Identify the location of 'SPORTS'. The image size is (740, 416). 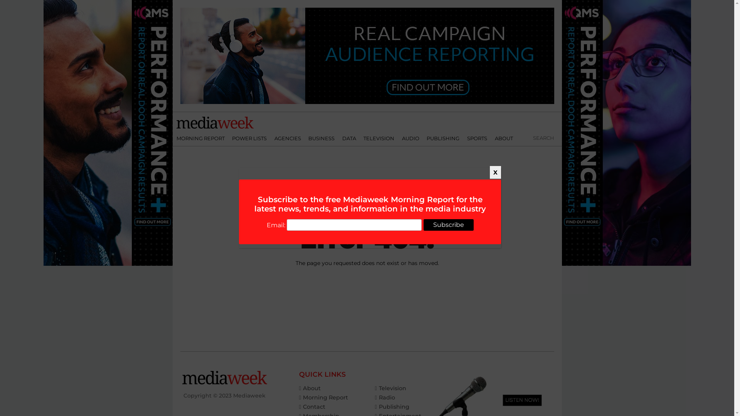
(477, 138).